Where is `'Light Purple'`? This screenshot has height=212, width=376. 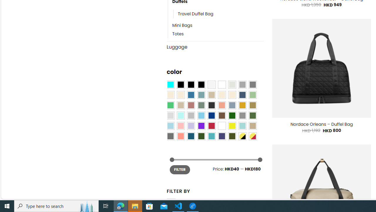
'Light Purple' is located at coordinates (191, 125).